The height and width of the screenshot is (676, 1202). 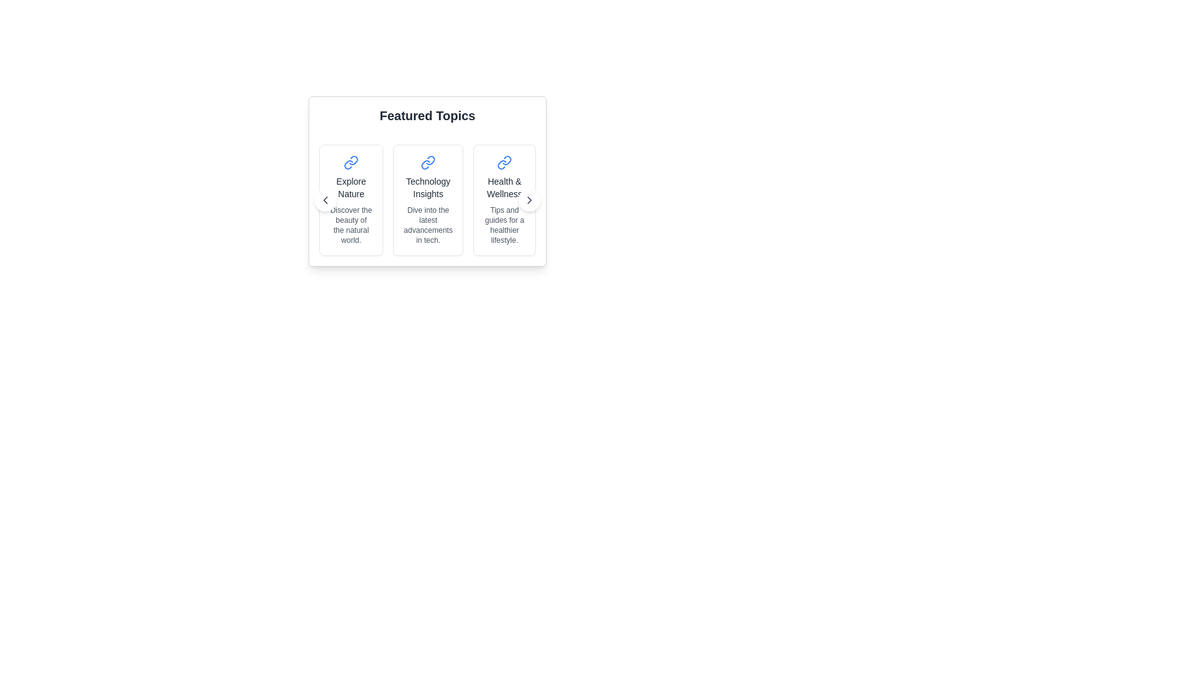 What do you see at coordinates (505, 224) in the screenshot?
I see `the Text Label that provides a brief description for the 'Health & Wellness' section, located in the third card under 'Featured Topics'` at bounding box center [505, 224].